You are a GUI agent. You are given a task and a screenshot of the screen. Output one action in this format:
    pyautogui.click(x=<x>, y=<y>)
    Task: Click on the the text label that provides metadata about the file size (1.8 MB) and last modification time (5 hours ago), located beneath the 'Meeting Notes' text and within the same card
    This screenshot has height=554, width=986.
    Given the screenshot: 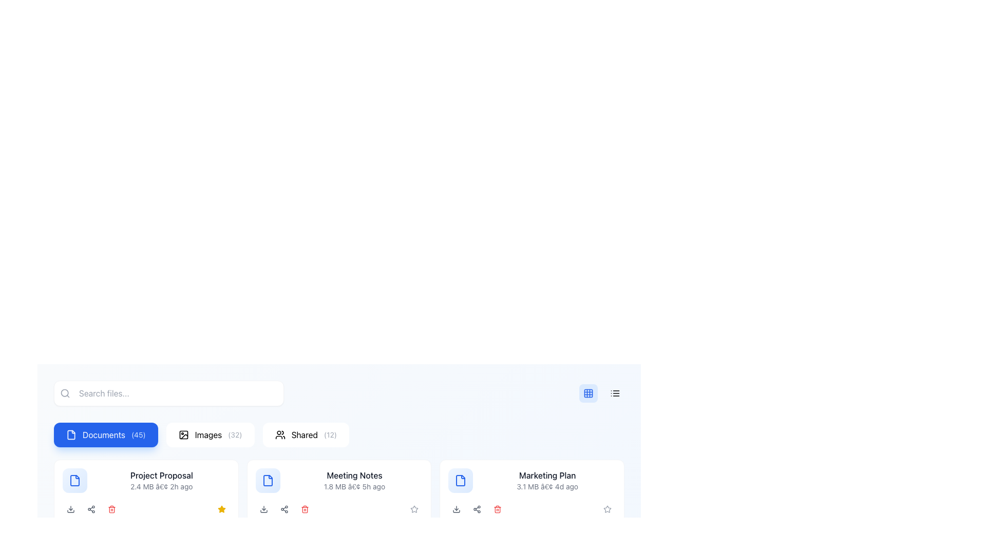 What is the action you would take?
    pyautogui.click(x=354, y=486)
    